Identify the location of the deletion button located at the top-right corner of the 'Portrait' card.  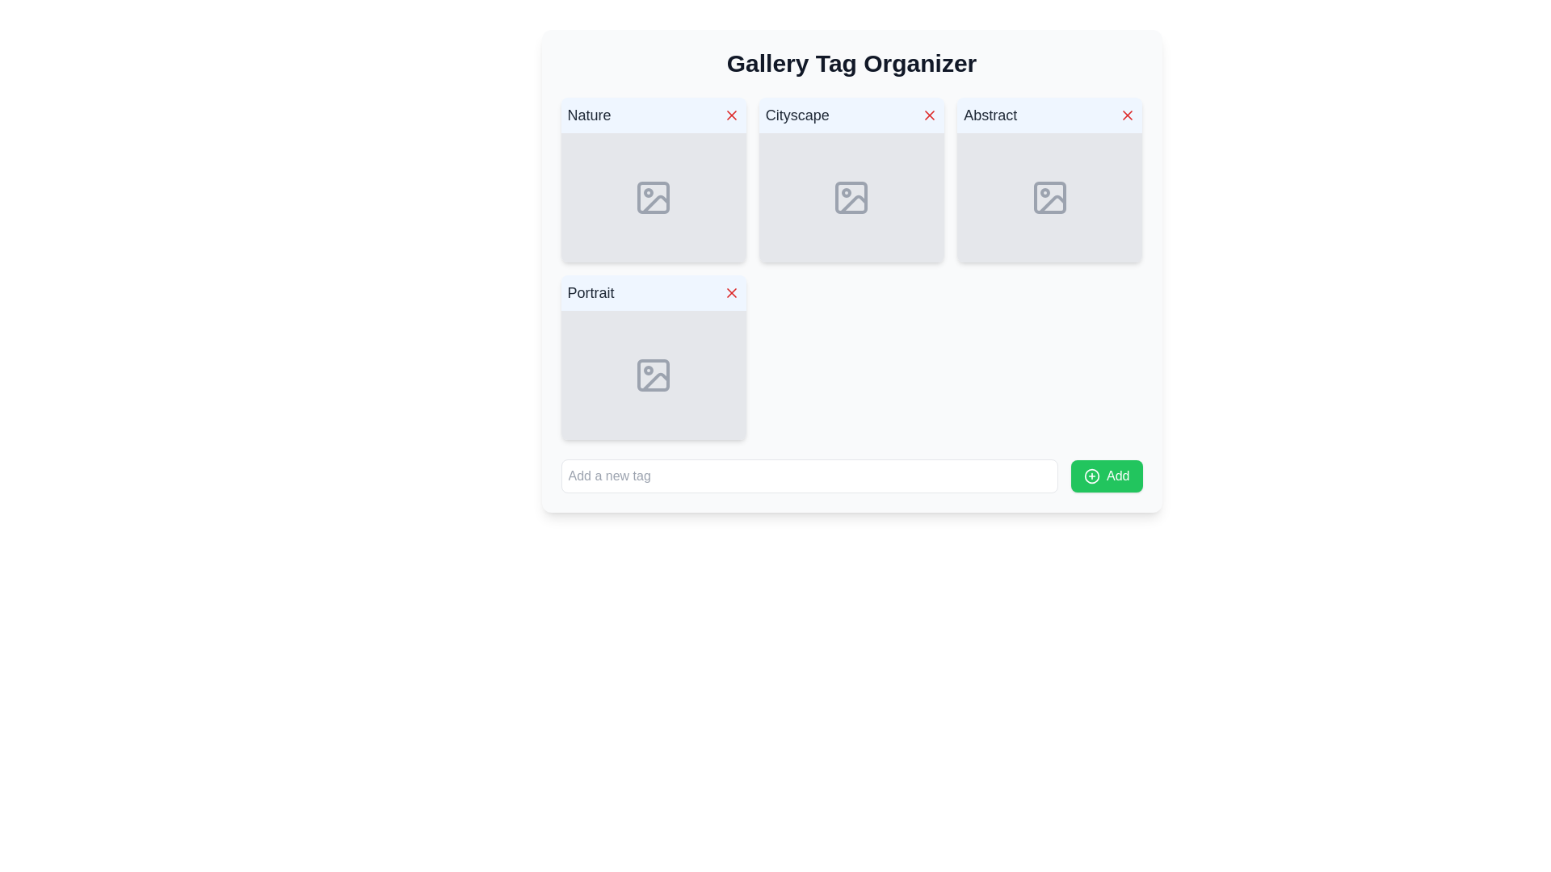
(730, 292).